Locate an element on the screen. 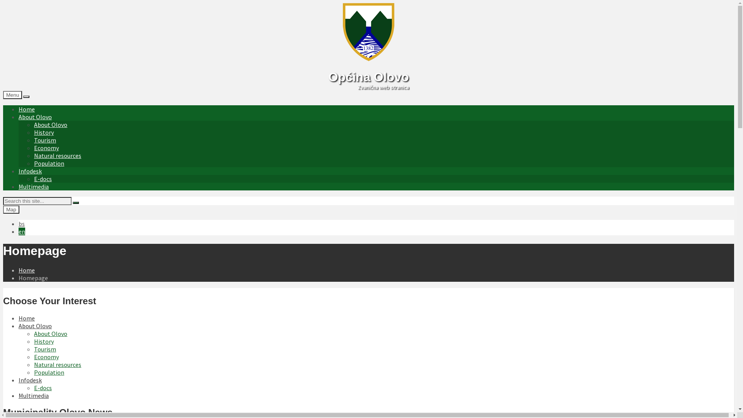 This screenshot has width=743, height=418. 'Multimedia' is located at coordinates (33, 187).